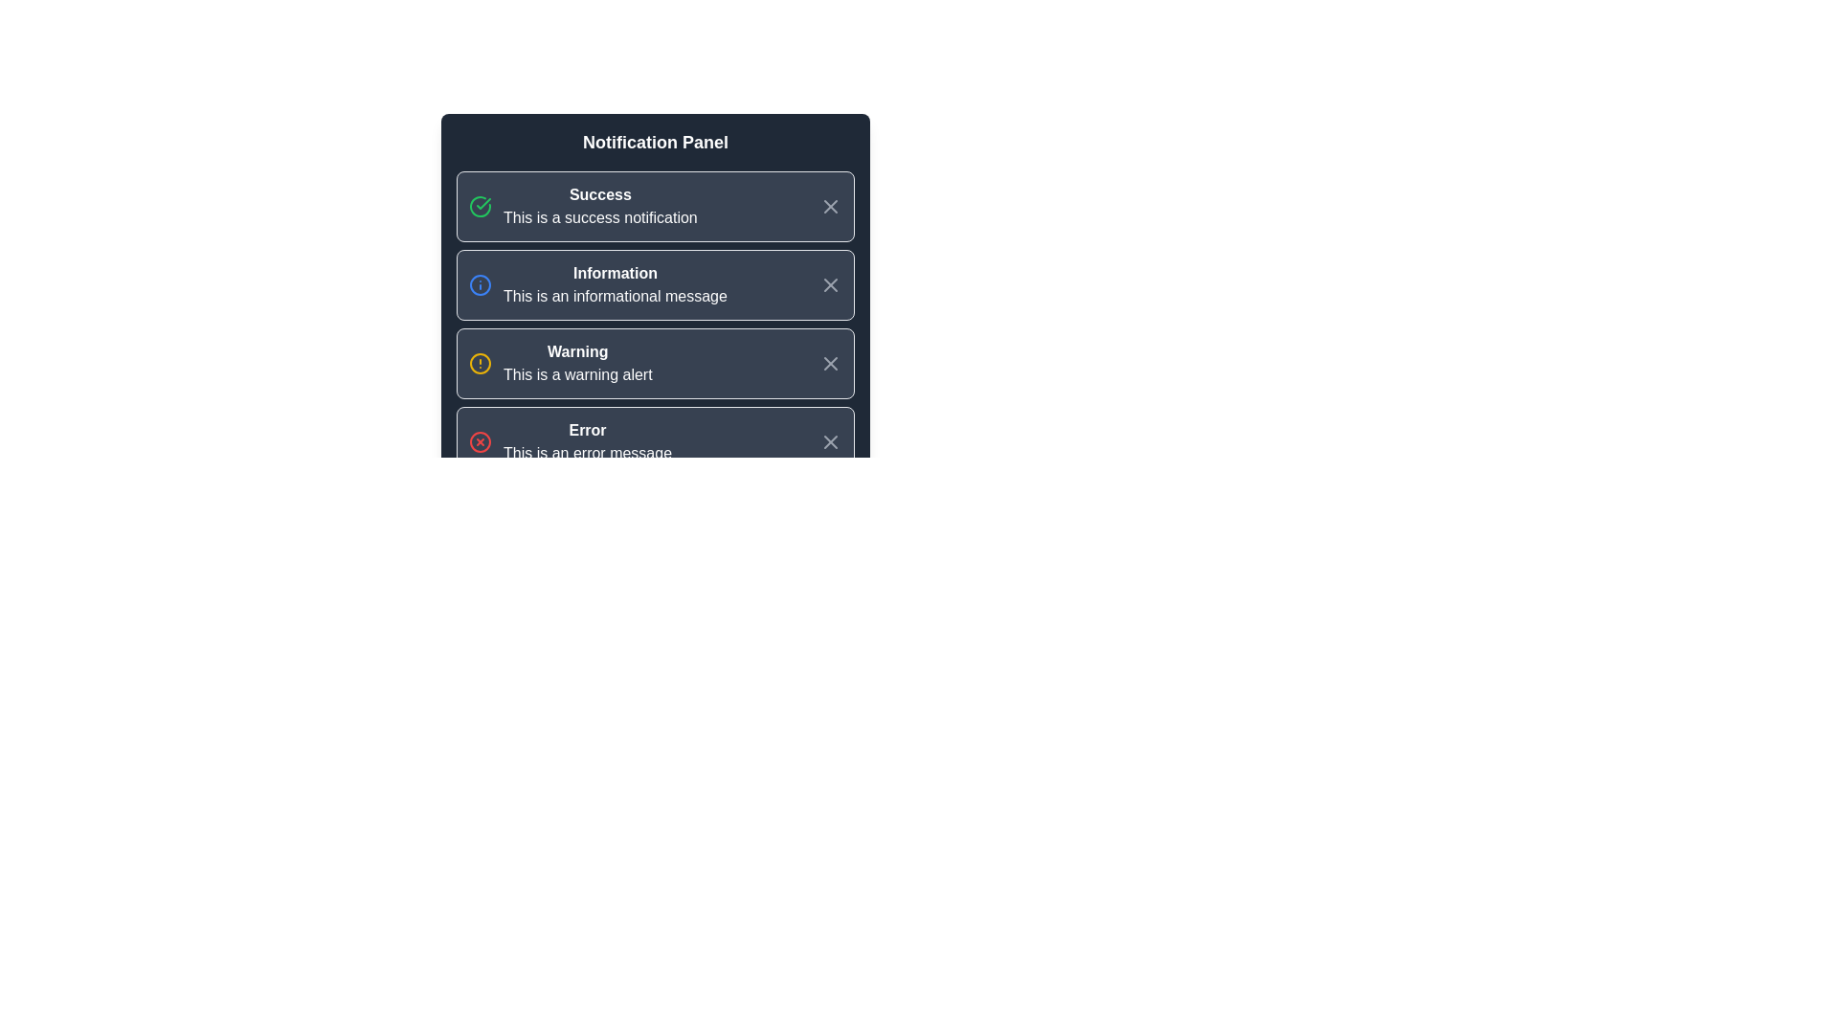  What do you see at coordinates (481, 442) in the screenshot?
I see `the error icon located in the fourth notification box labeled 'Error', positioned to the left of the text 'Error This is an error message'` at bounding box center [481, 442].